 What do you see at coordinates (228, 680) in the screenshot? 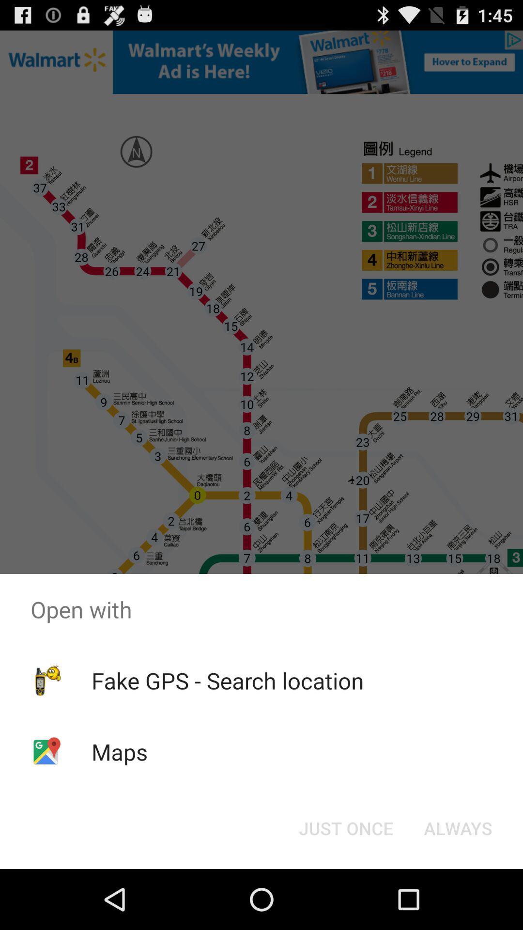
I see `the icon above maps item` at bounding box center [228, 680].